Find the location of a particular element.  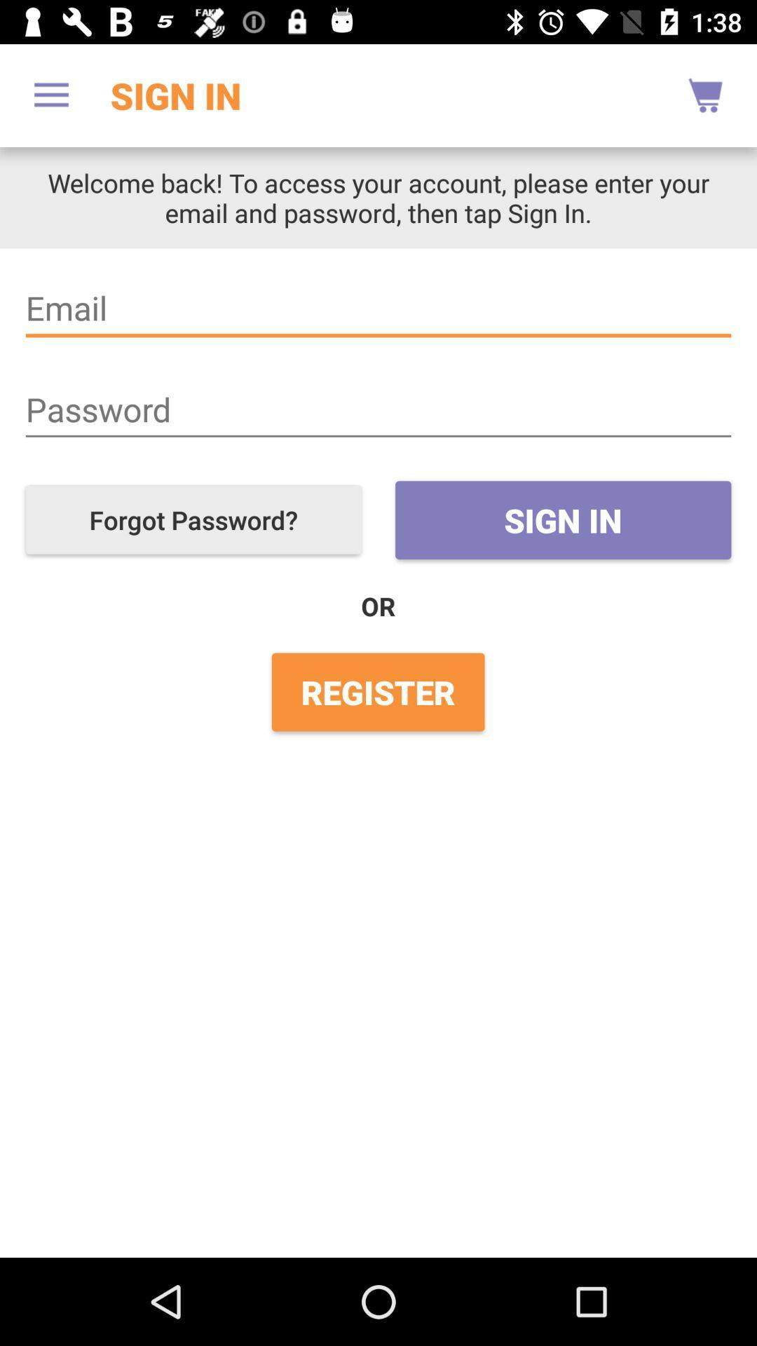

the forgot password? item is located at coordinates (193, 519).